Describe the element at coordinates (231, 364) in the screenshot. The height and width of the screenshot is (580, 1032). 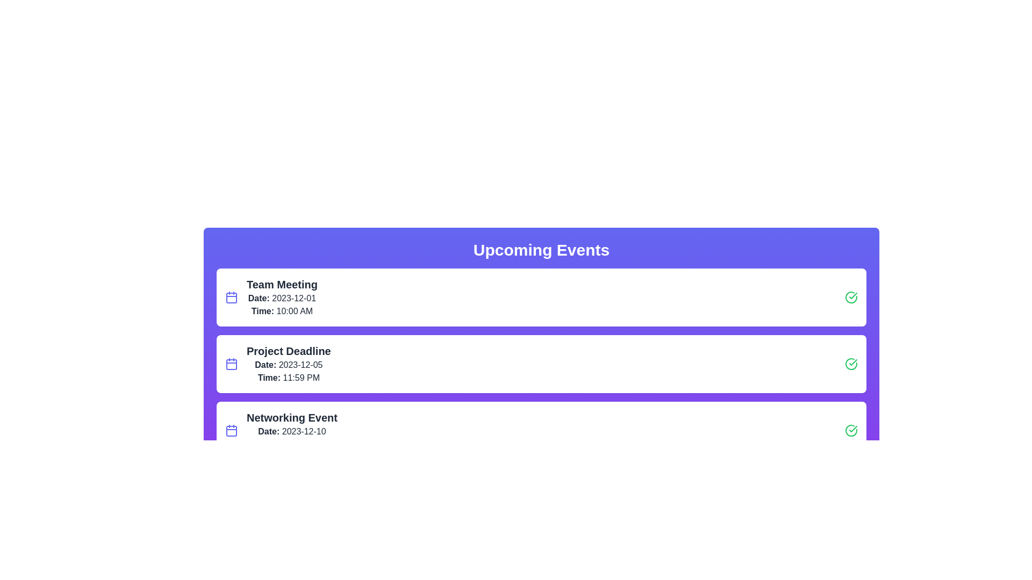
I see `the rounded rectangle part of the calendar icon located on the left side of the Project Deadline section in the second row of the event list` at that location.